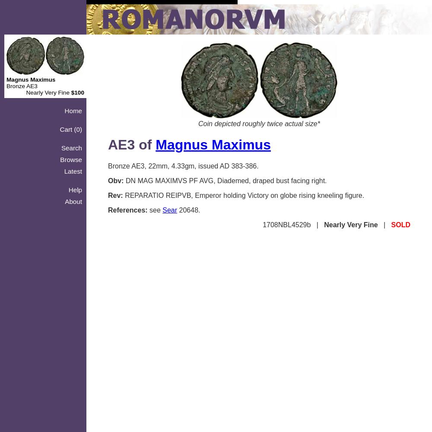 This screenshot has width=432, height=432. Describe the element at coordinates (243, 194) in the screenshot. I see `'REPARATIO REIPVB, Emperor holding Victory on globe rising kneeling figure.'` at that location.